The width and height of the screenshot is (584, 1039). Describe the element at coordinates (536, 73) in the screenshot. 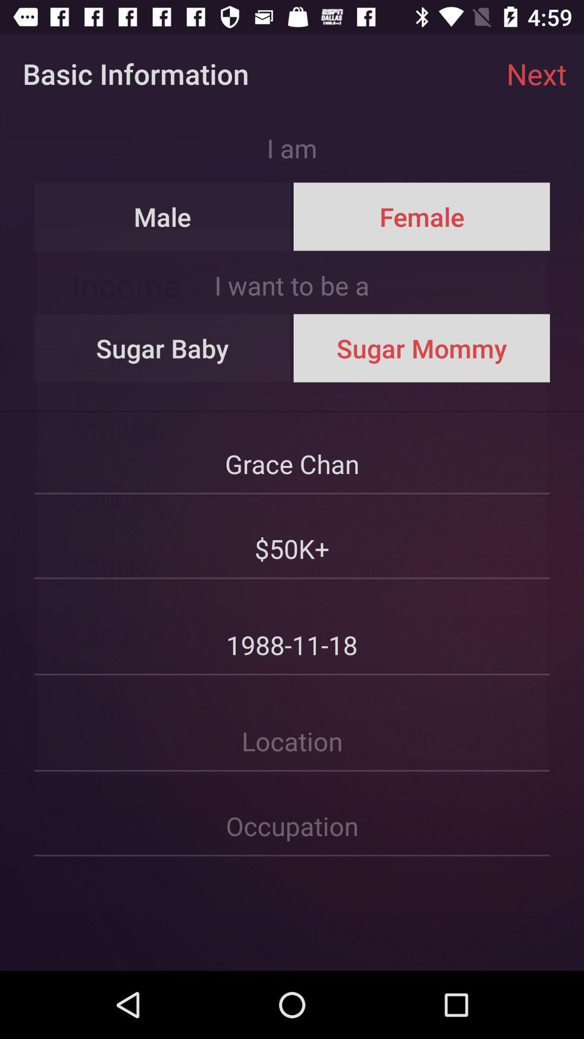

I see `the icon to the right of basic information icon` at that location.